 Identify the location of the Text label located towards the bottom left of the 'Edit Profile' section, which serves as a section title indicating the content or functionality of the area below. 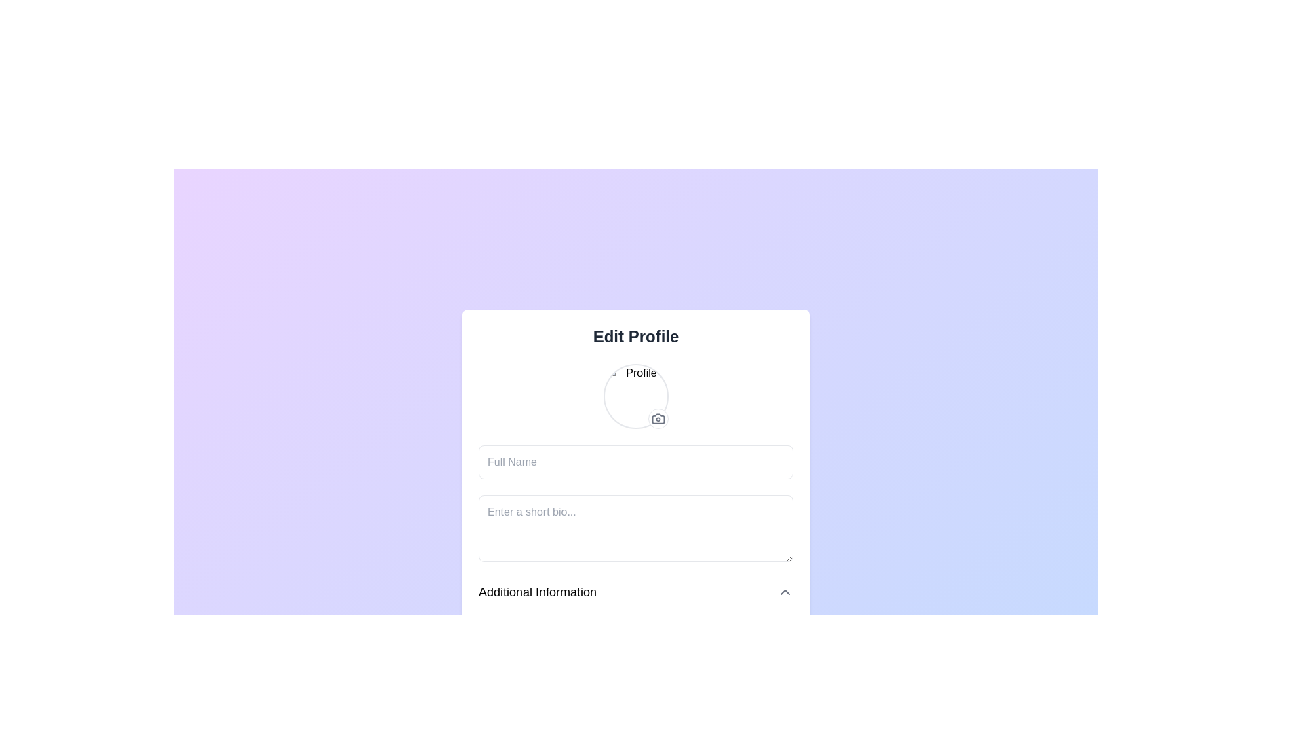
(536, 591).